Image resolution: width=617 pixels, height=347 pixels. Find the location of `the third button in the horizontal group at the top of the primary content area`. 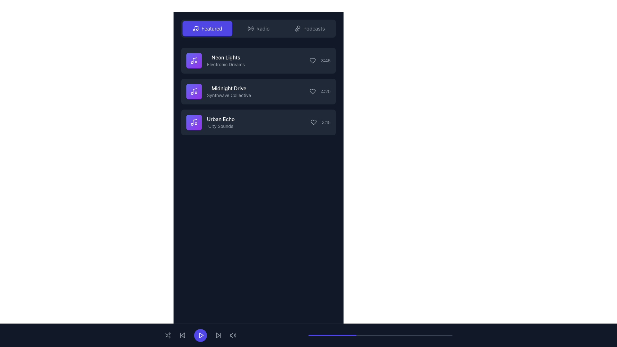

the third button in the horizontal group at the top of the primary content area is located at coordinates (309, 28).